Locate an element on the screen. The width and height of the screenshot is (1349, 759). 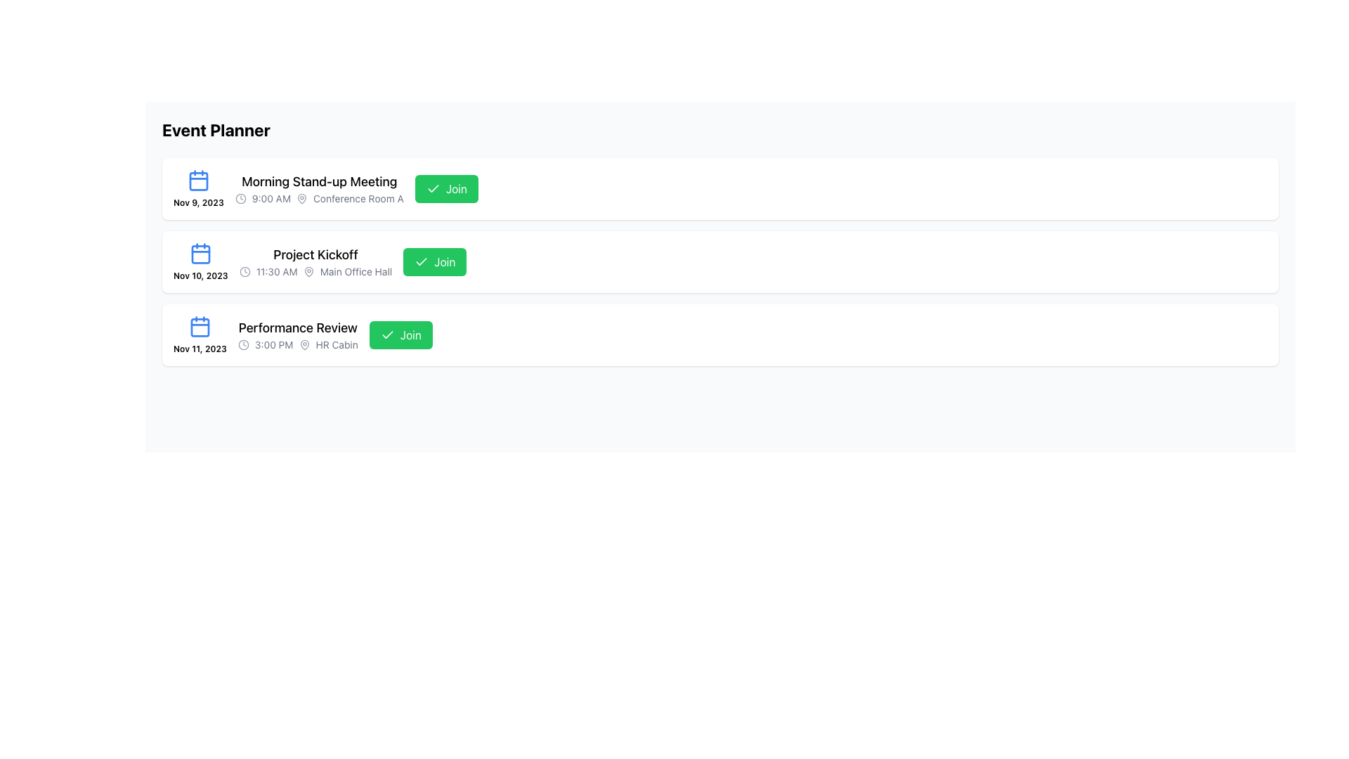
the icon that visually indicates the event's date located in the upper-left corner of the second event card, adjacent to the date label 'Nov 10, 2023' is located at coordinates (200, 254).